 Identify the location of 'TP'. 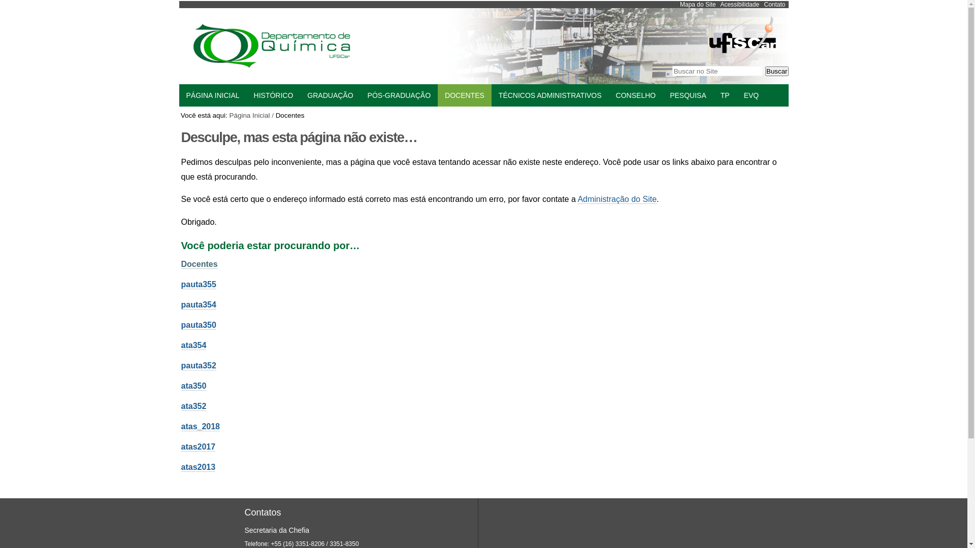
(725, 95).